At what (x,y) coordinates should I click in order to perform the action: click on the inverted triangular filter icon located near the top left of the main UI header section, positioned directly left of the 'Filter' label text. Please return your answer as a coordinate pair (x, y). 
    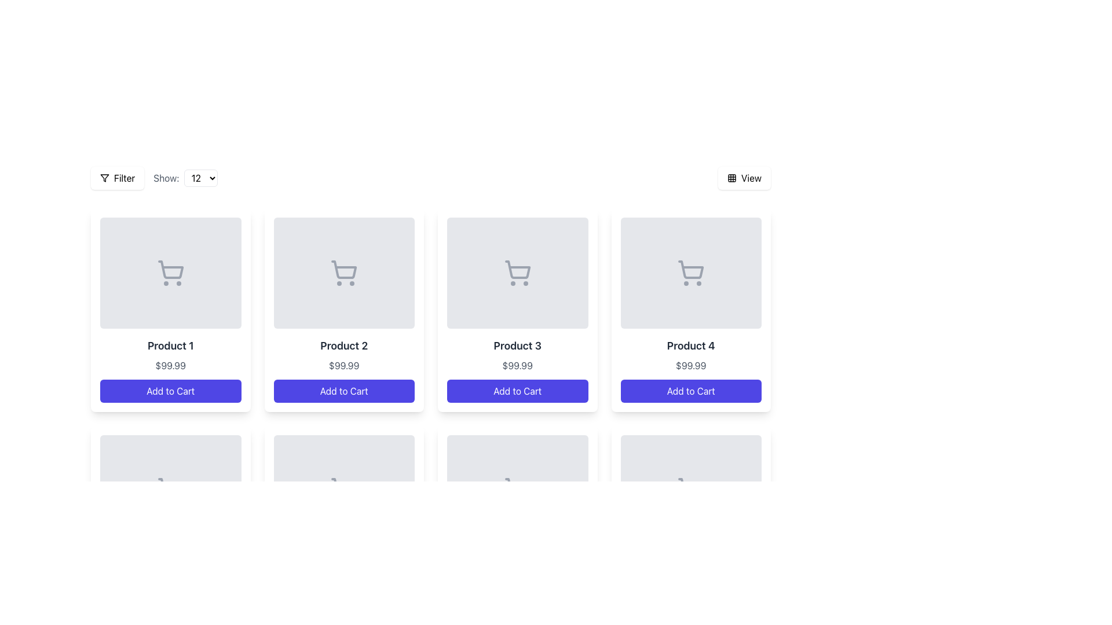
    Looking at the image, I should click on (105, 178).